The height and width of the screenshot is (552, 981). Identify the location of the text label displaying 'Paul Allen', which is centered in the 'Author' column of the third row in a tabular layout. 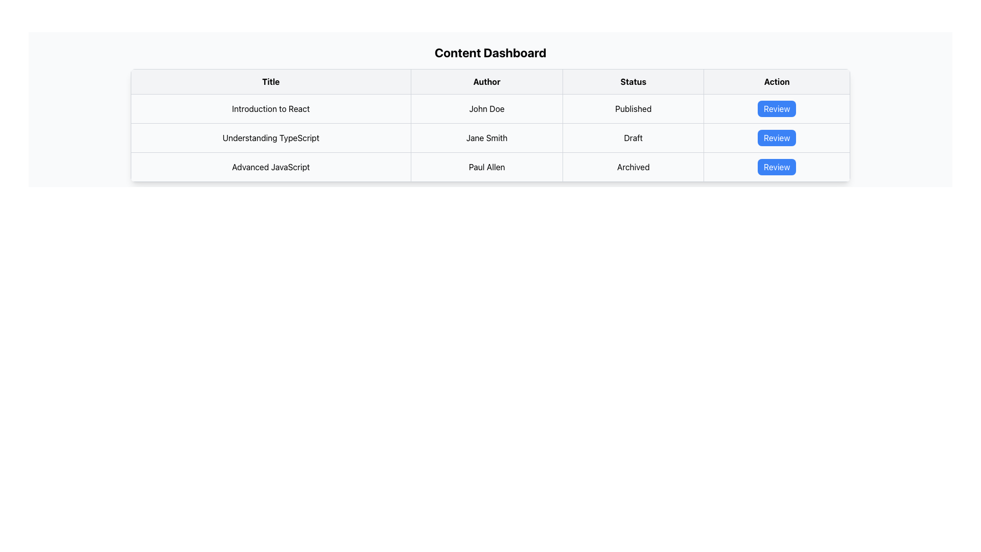
(486, 167).